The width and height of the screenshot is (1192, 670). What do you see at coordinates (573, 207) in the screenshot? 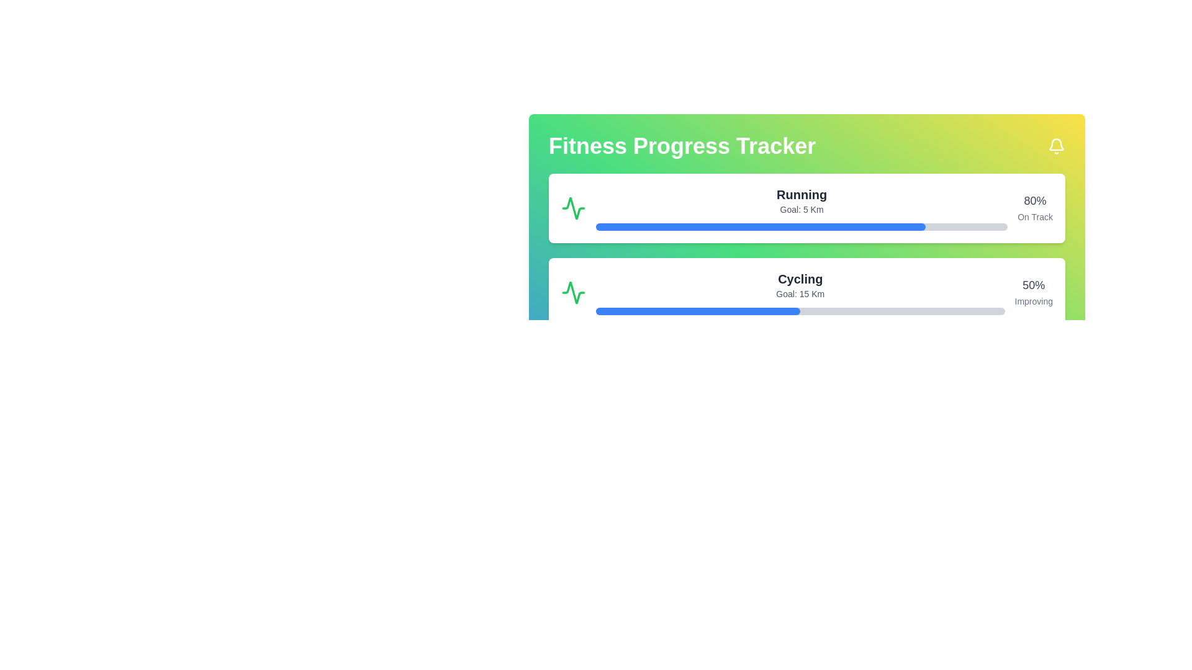
I see `the green activity icon styled with a heartbeat illustration located in the top-left corner of the 'Running' fitness progress card` at bounding box center [573, 207].